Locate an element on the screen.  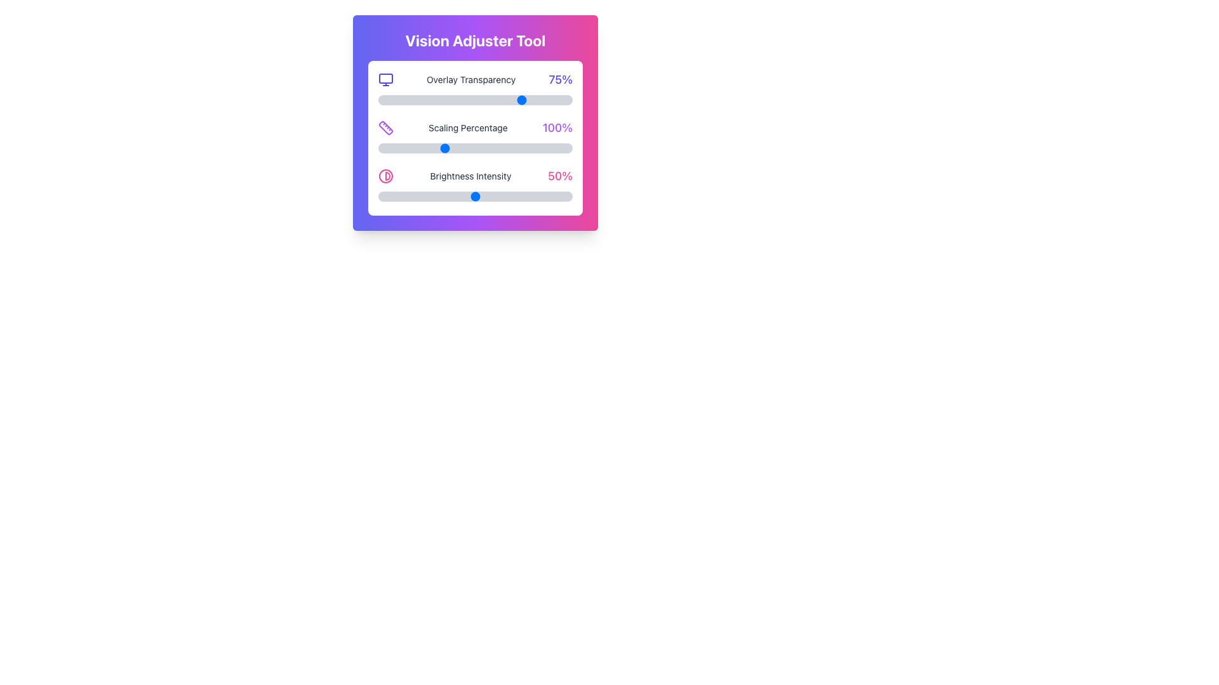
the scaling percentage is located at coordinates (404, 148).